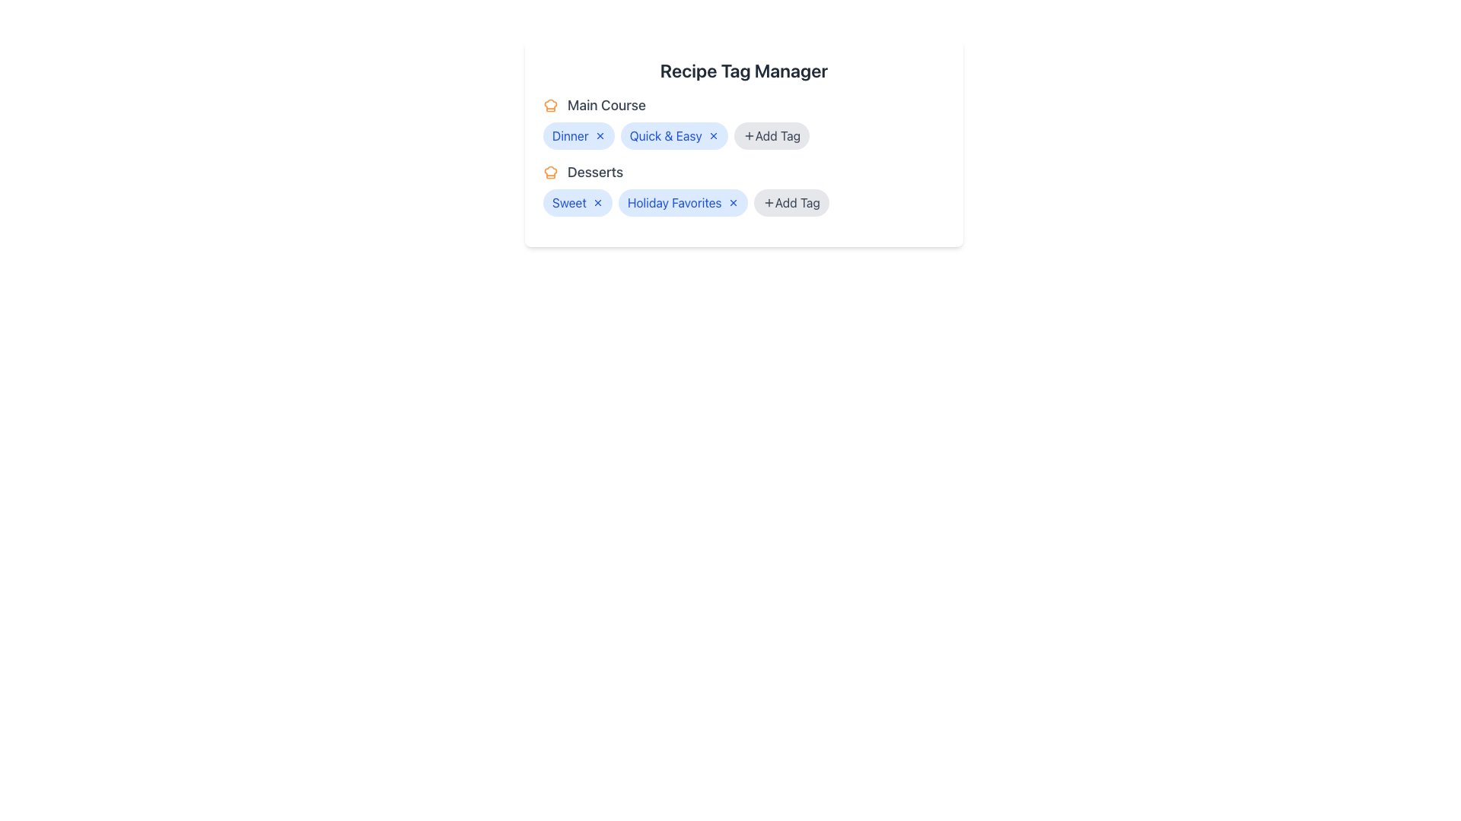 The image size is (1461, 821). I want to click on the 'X' button, so click(597, 201).